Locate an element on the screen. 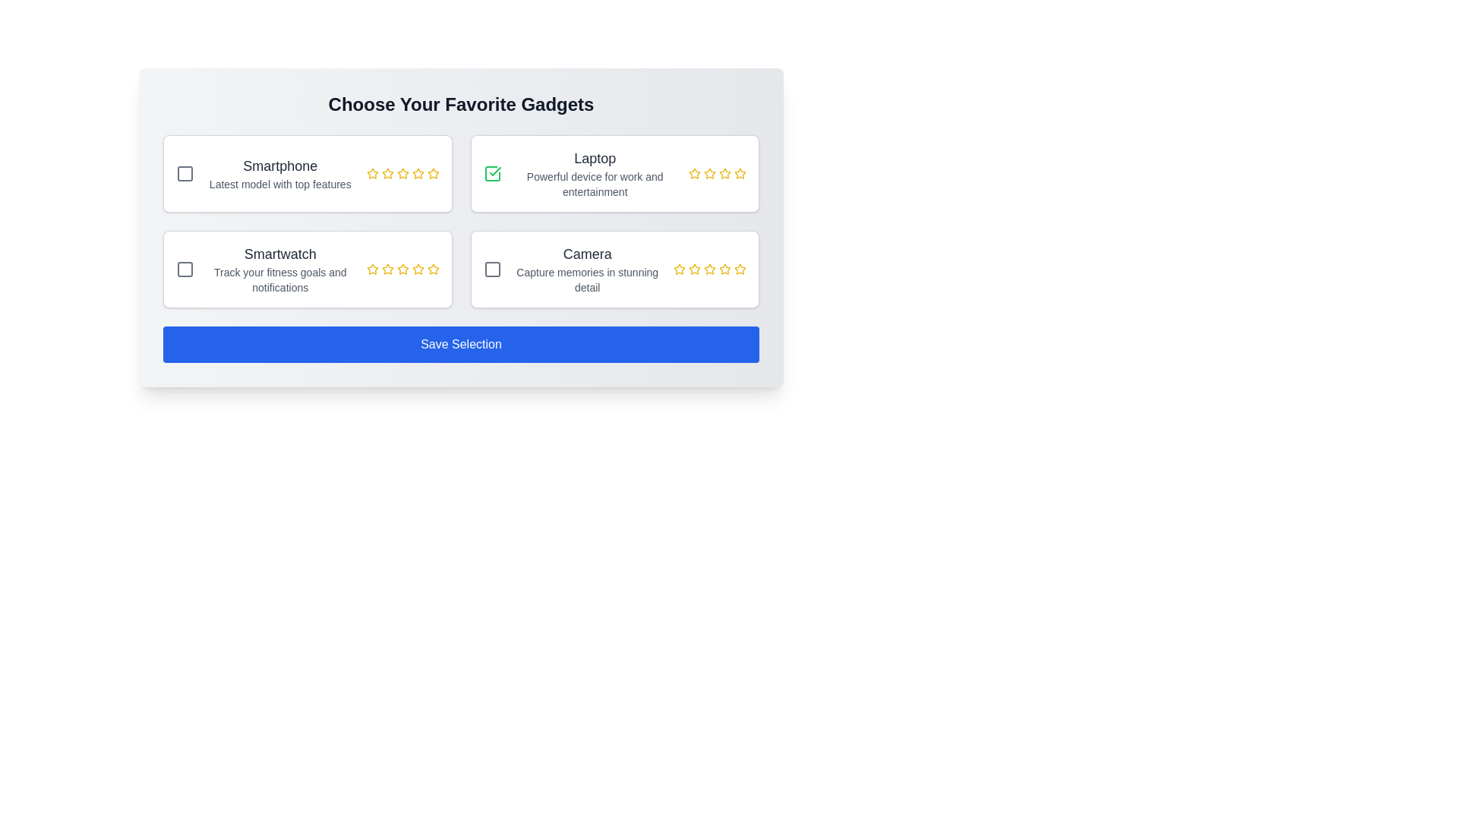 The width and height of the screenshot is (1458, 820). the fourth star from the left in the horizontal sequence of five stars in the Camera rating system is located at coordinates (724, 268).